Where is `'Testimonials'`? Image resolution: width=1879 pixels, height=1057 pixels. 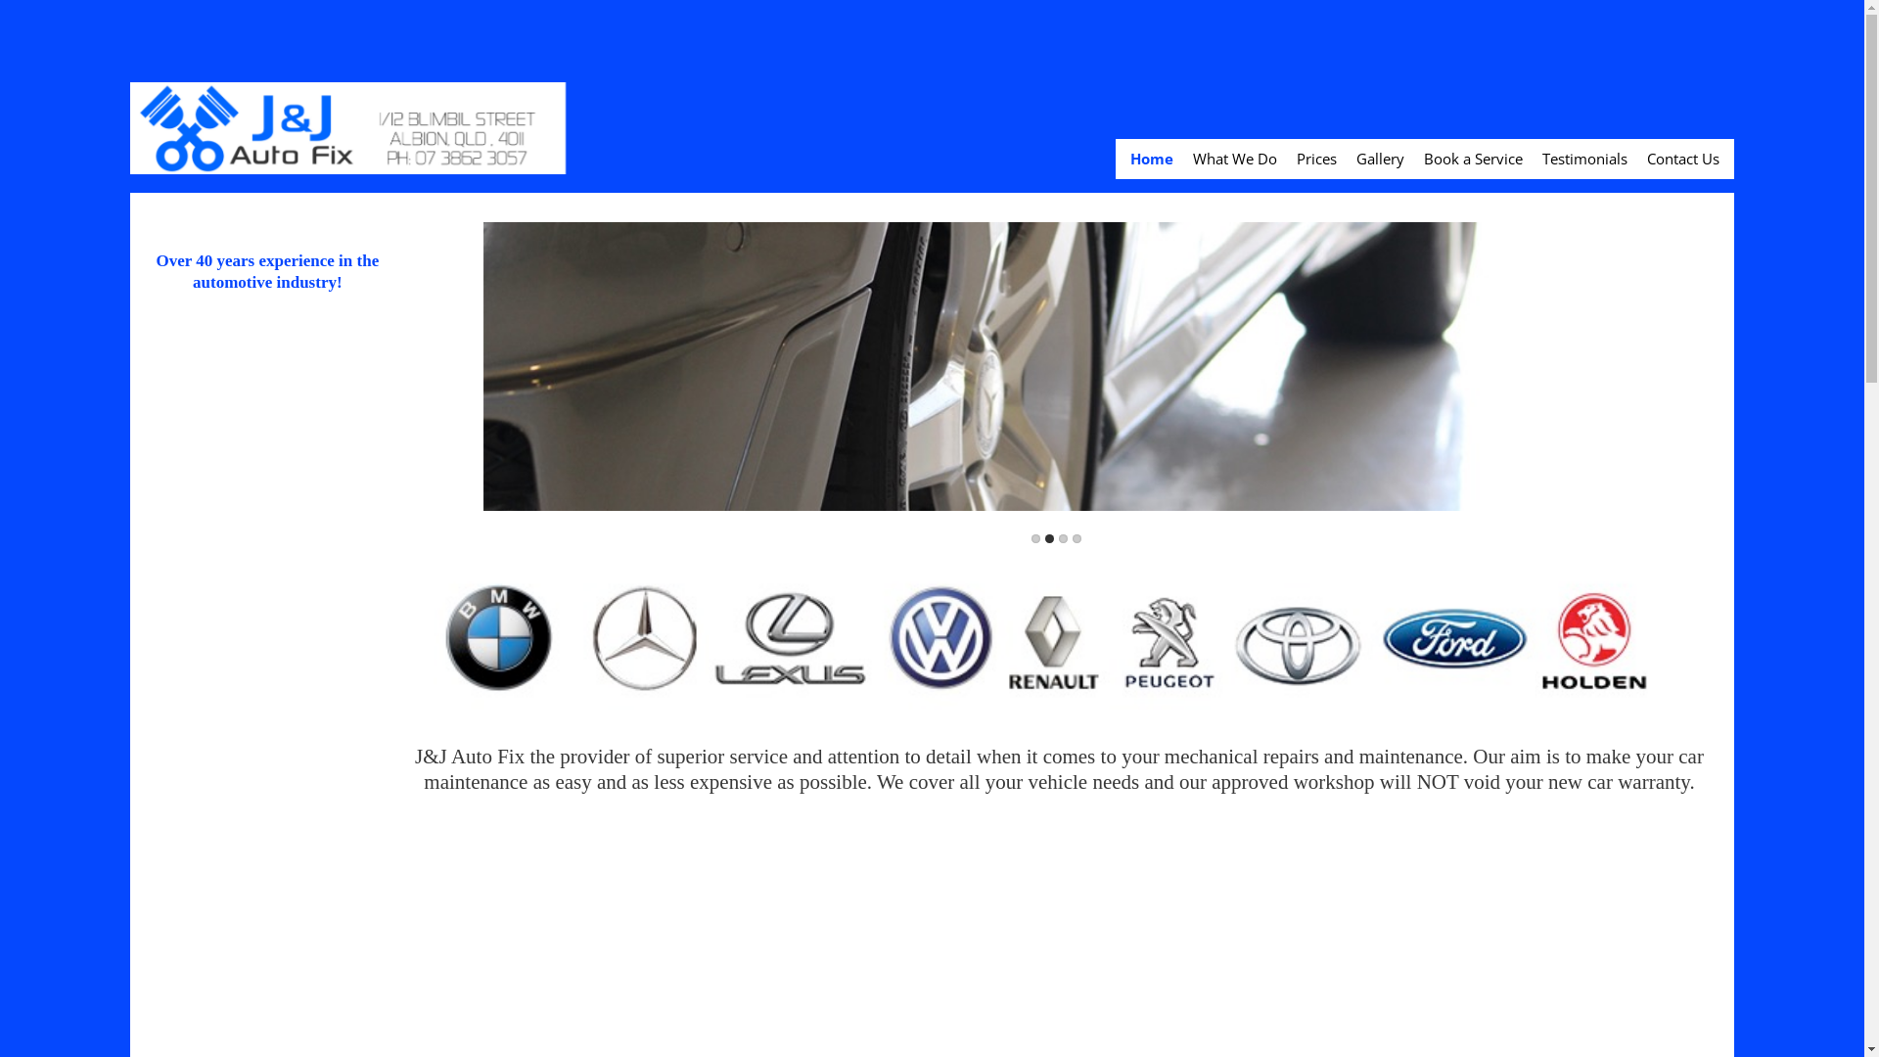 'Testimonials' is located at coordinates (1584, 158).